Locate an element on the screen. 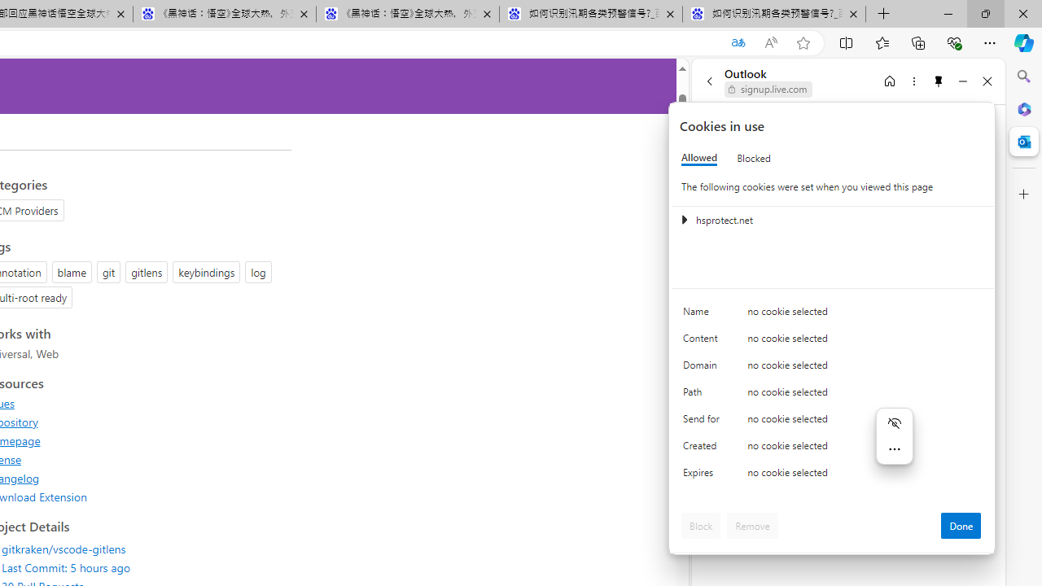  'Mini menu on text selection' is located at coordinates (893, 446).